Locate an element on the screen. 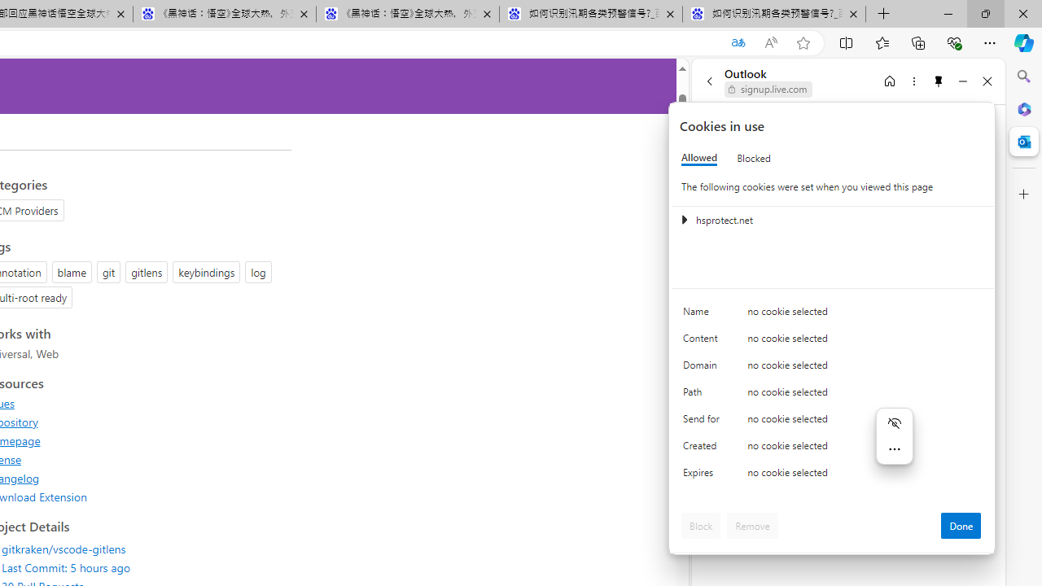  'Mini menu on text selection' is located at coordinates (893, 446).